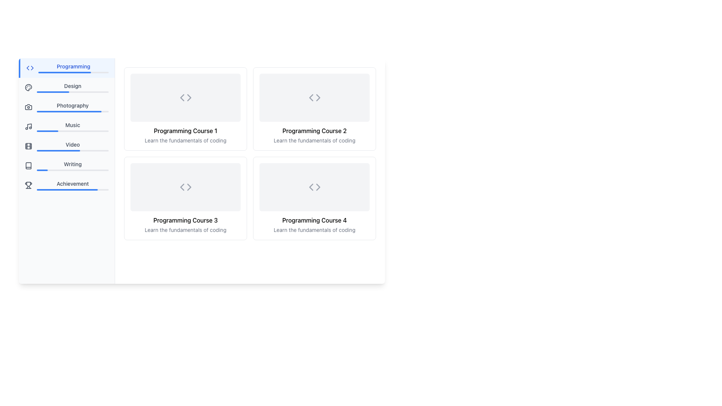 This screenshot has height=406, width=722. Describe the element at coordinates (73, 66) in the screenshot. I see `the blue-colored text label displaying 'Programming' located at the top of the vertical navigation menu in the left sidebar` at that location.